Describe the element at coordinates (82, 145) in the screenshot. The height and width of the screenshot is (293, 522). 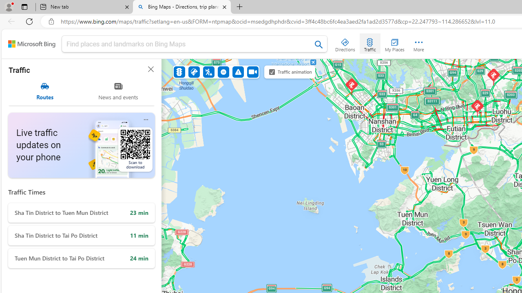
I see `'Live traffic updates on your phone Scan to download'` at that location.